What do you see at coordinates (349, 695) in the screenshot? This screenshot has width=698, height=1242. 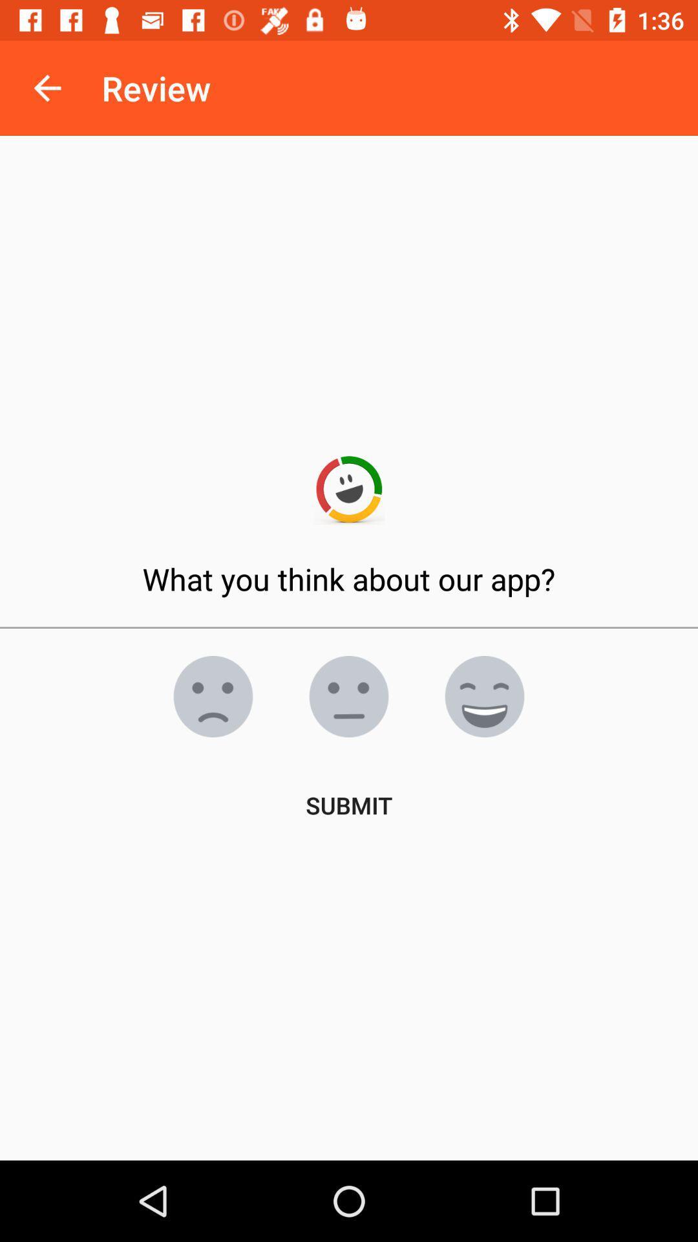 I see `the emoji icon` at bounding box center [349, 695].